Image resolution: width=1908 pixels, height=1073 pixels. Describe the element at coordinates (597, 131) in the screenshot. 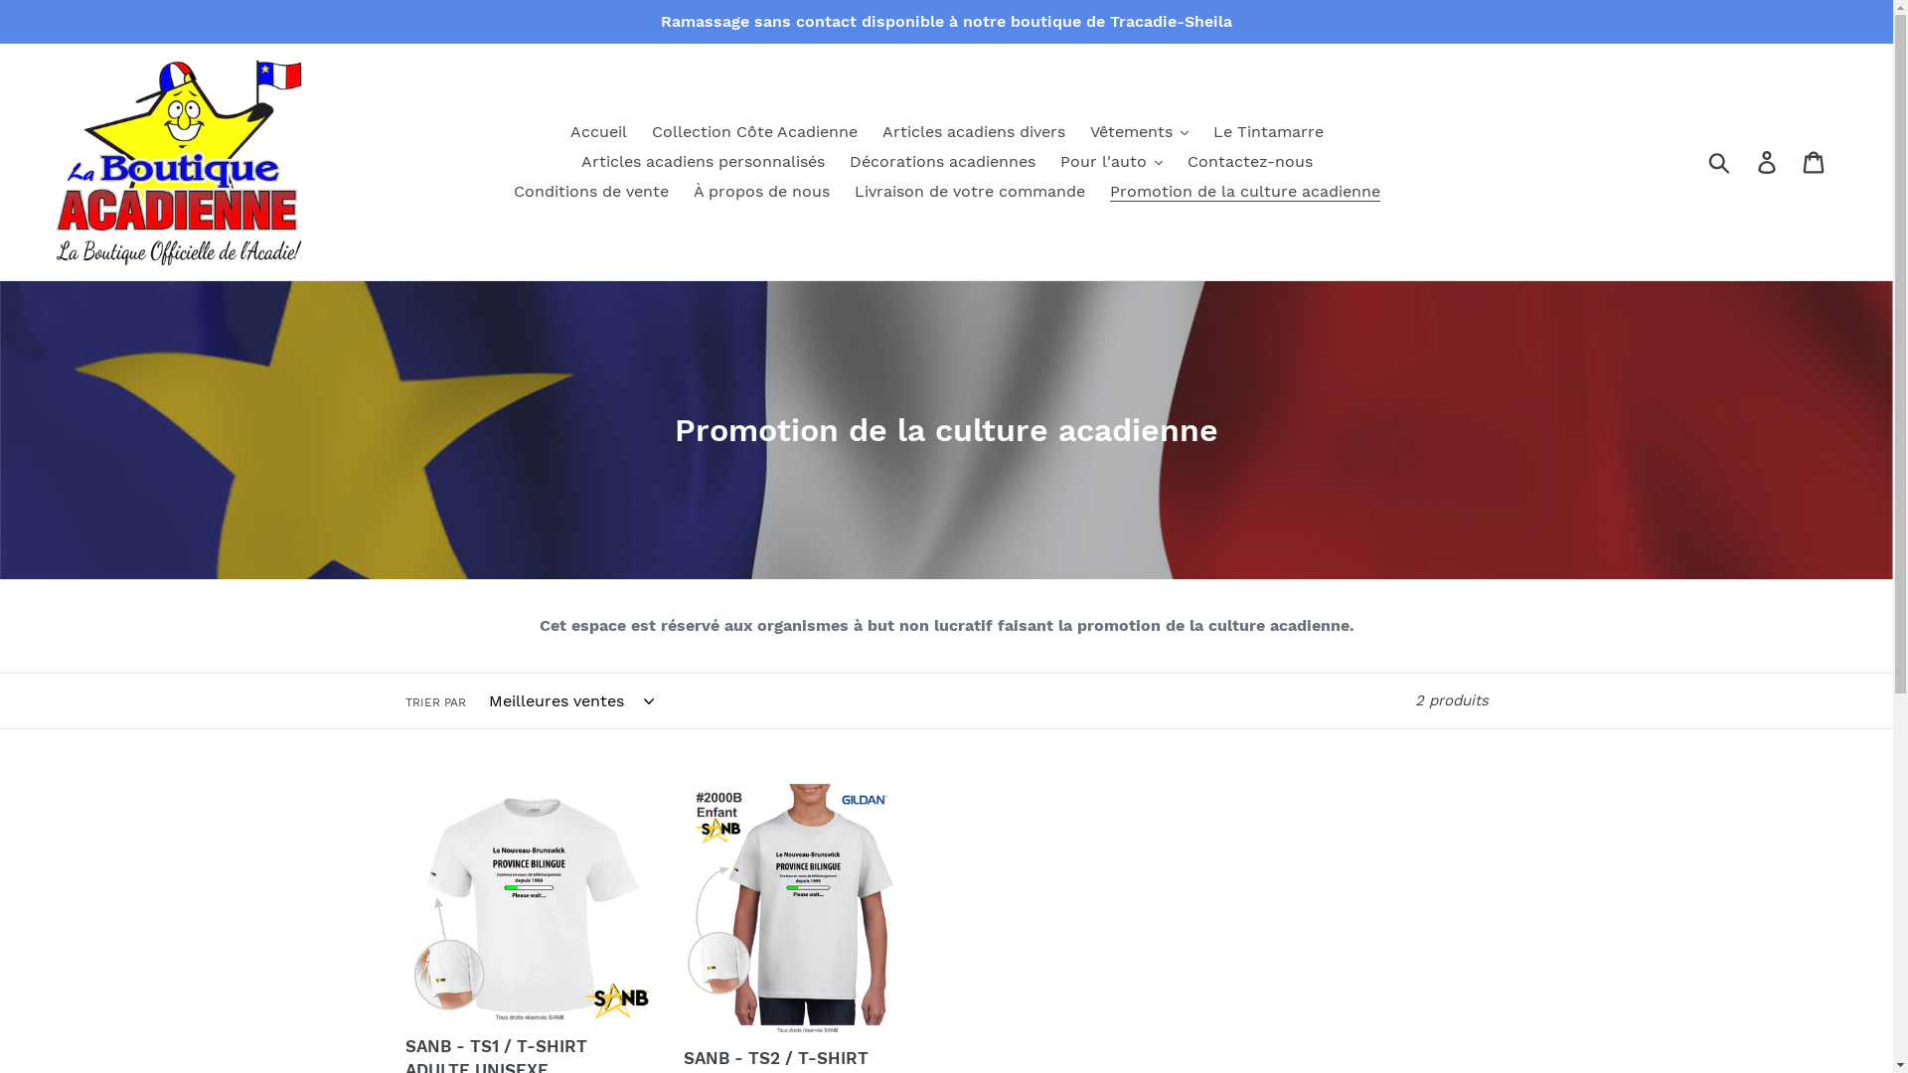

I see `'Accueil'` at that location.